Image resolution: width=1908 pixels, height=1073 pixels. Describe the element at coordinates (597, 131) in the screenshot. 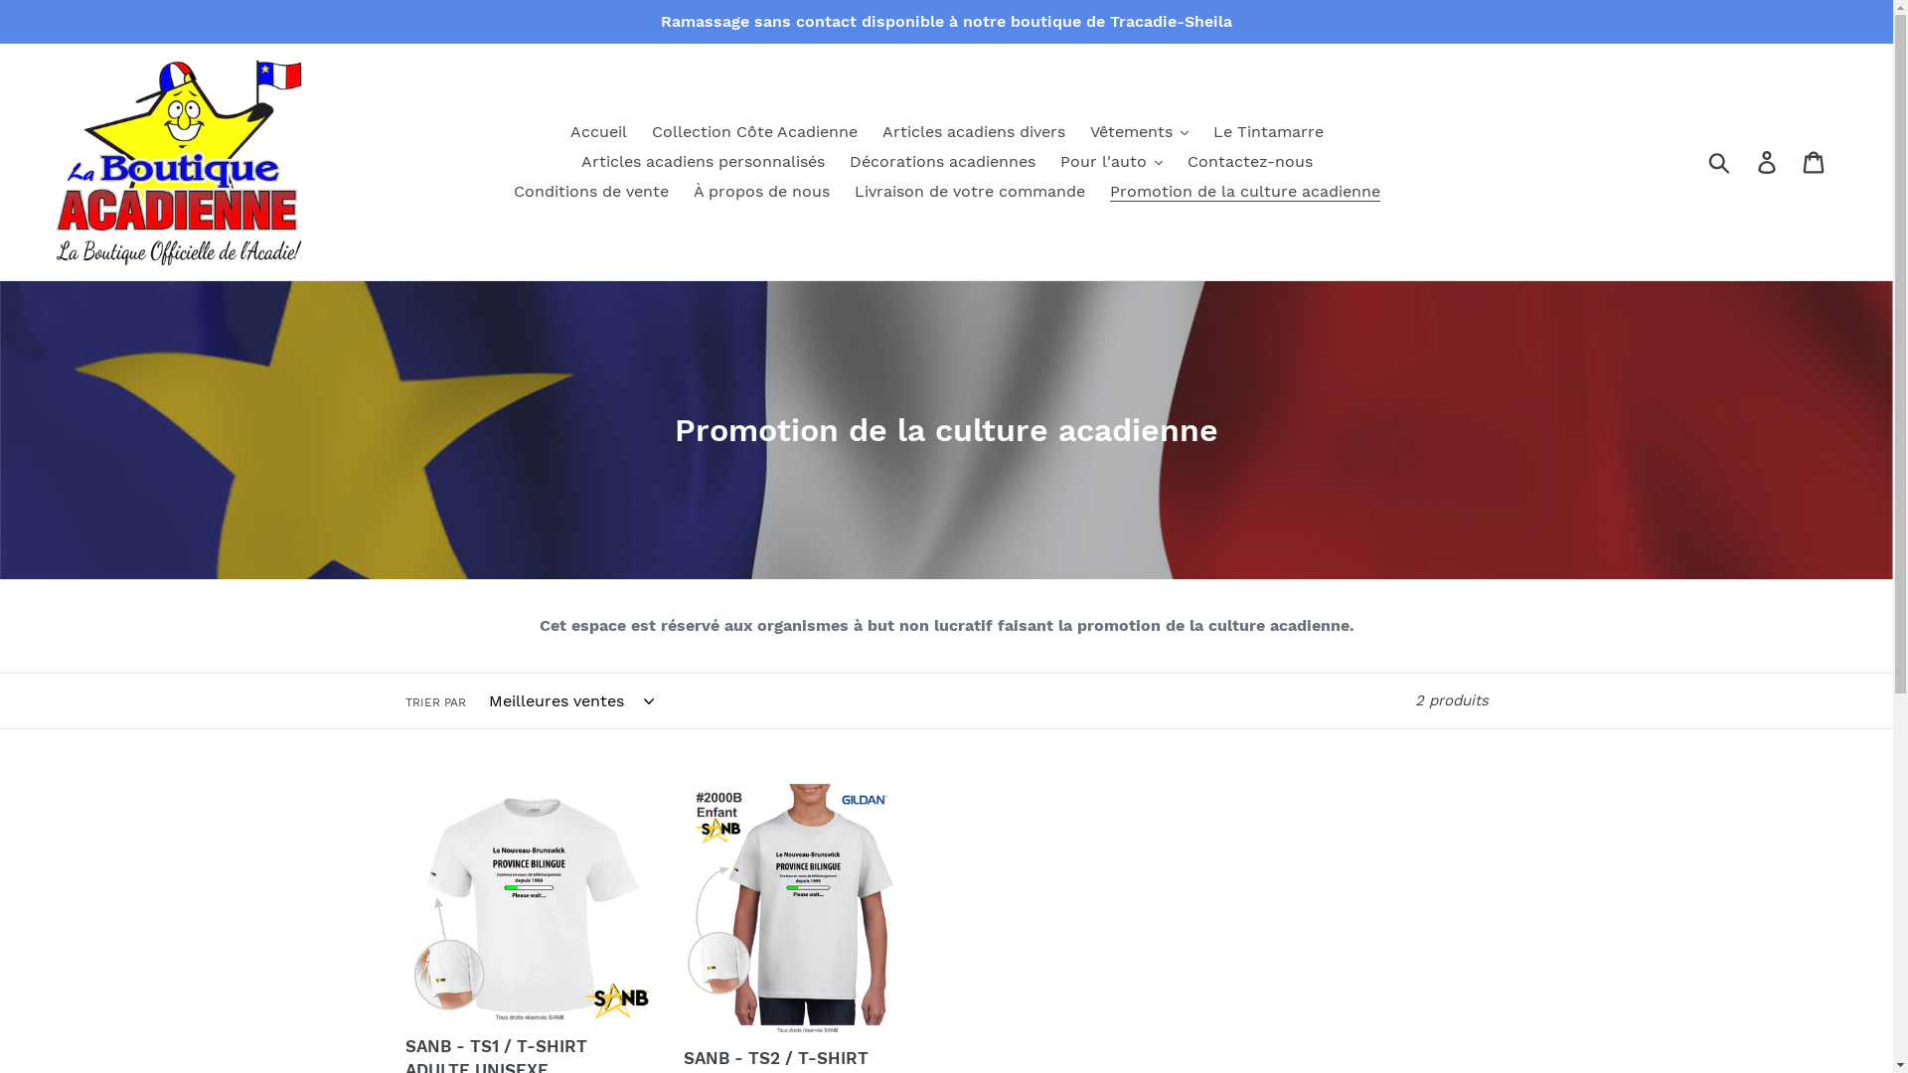

I see `'Accueil'` at that location.